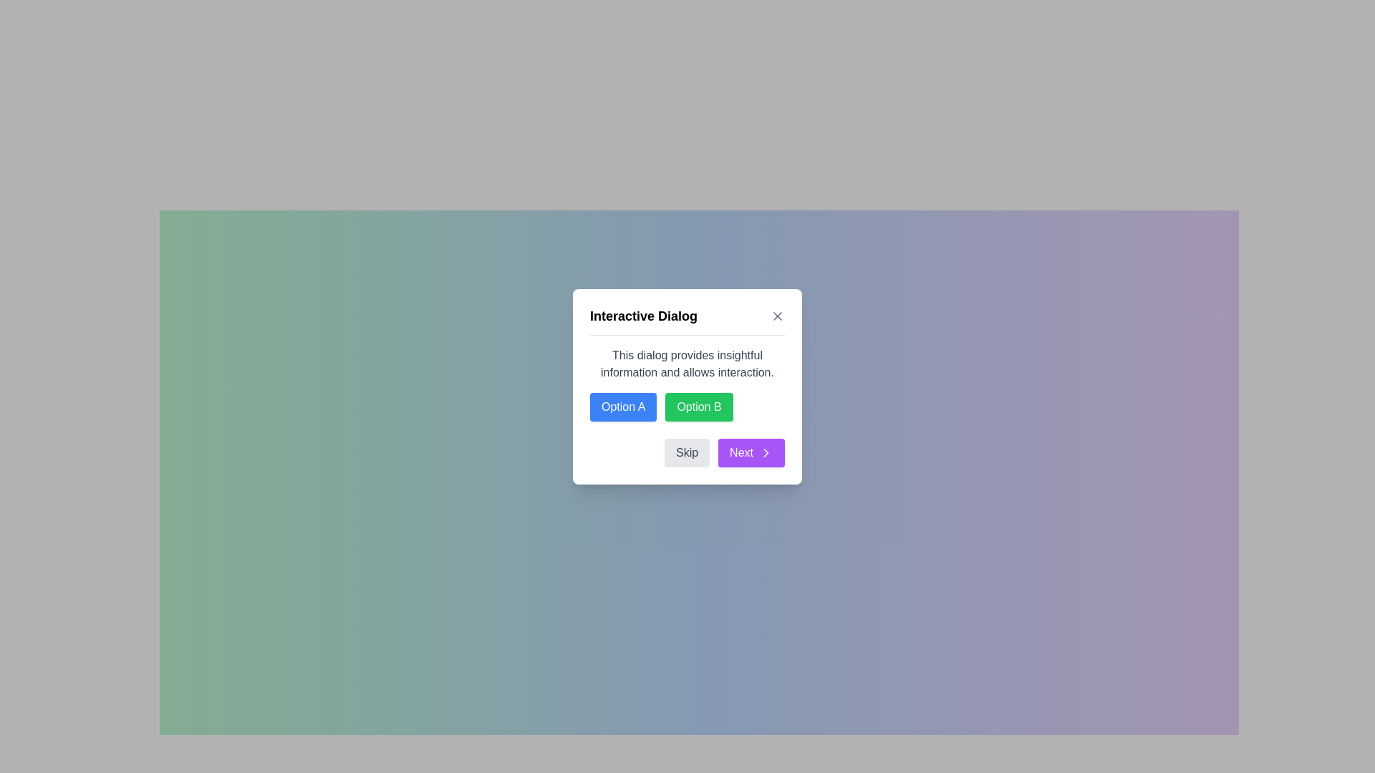 This screenshot has height=773, width=1375. Describe the element at coordinates (776, 314) in the screenshot. I see `the Close button located in the top-right corner of the 'Interactive Dialog' to change its color` at that location.